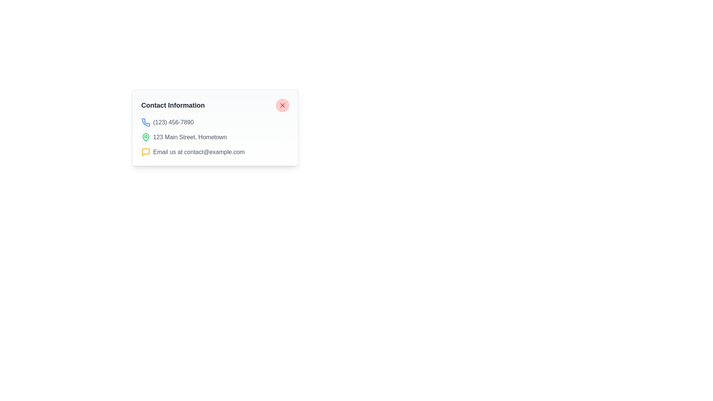 This screenshot has height=401, width=713. What do you see at coordinates (146, 122) in the screenshot?
I see `the stylized blue phone icon located to the left of the phone number '(123) 456-7890' in the contact information section, if it is interactive` at bounding box center [146, 122].